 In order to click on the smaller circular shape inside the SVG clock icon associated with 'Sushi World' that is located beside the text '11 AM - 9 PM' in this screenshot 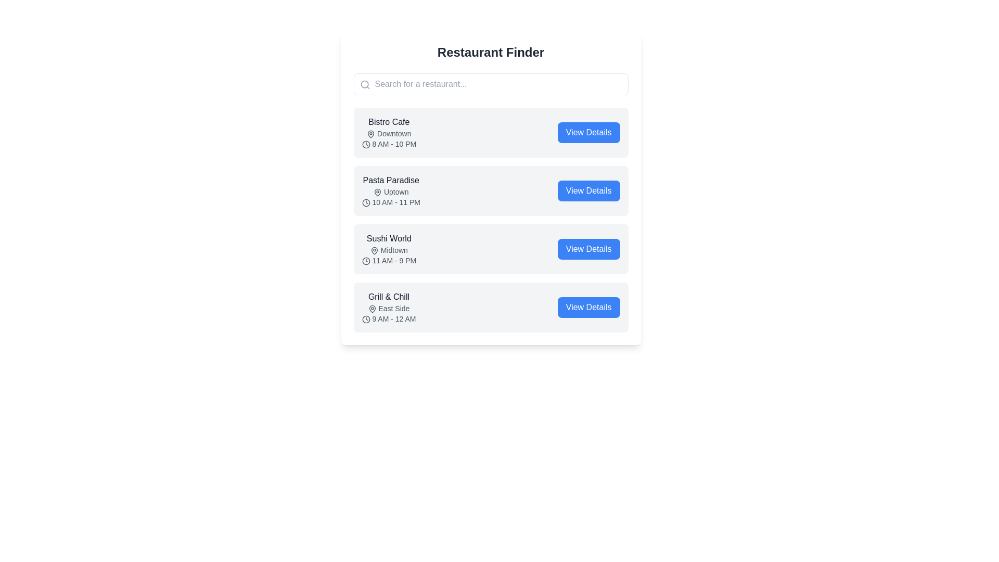, I will do `click(366, 261)`.